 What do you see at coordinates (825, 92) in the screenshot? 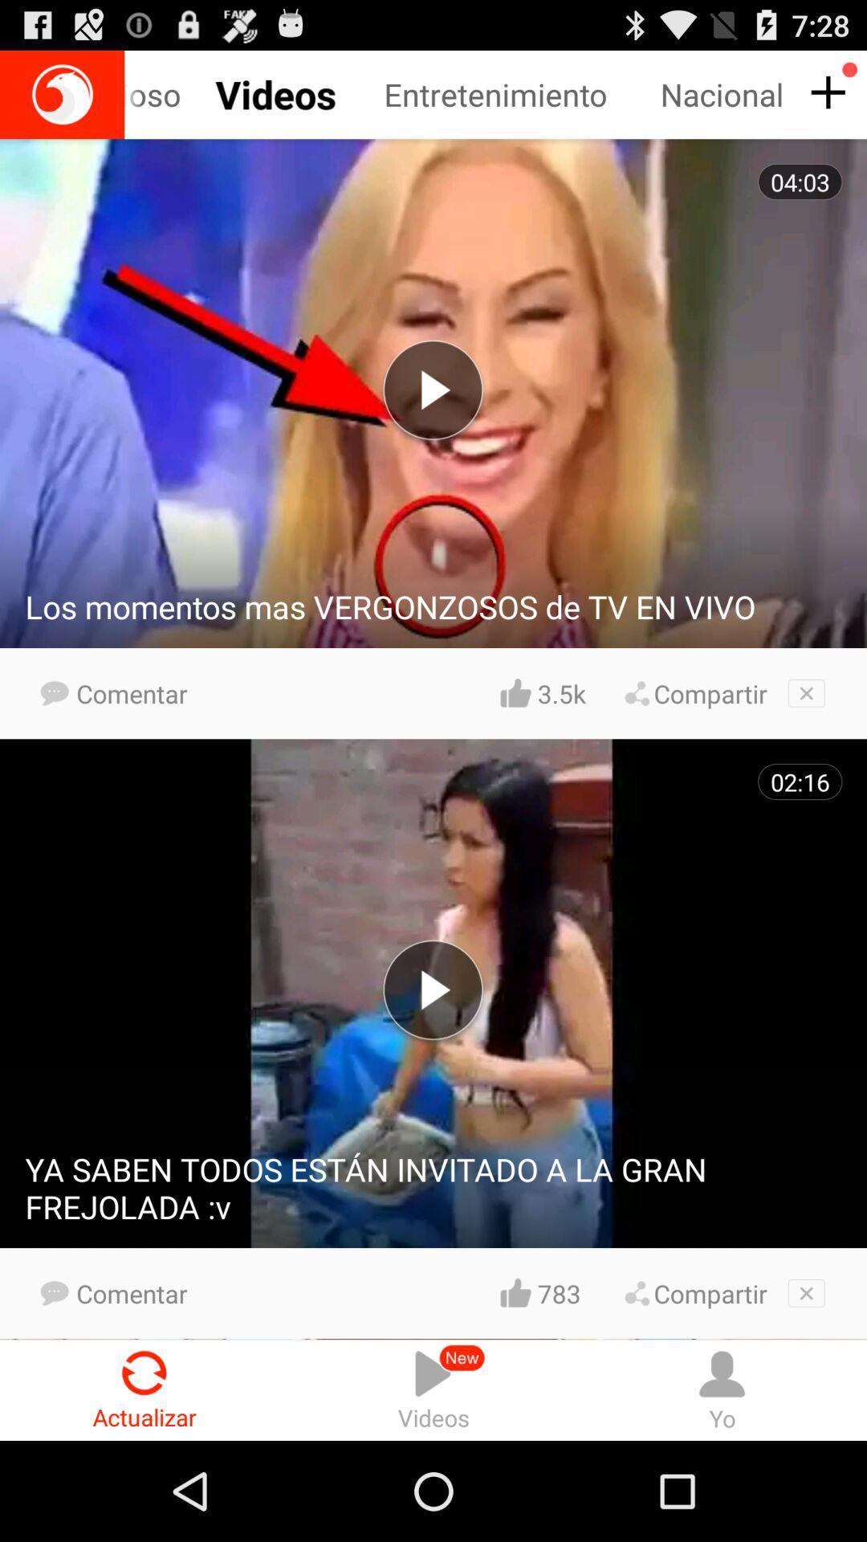
I see `show app settings` at bounding box center [825, 92].